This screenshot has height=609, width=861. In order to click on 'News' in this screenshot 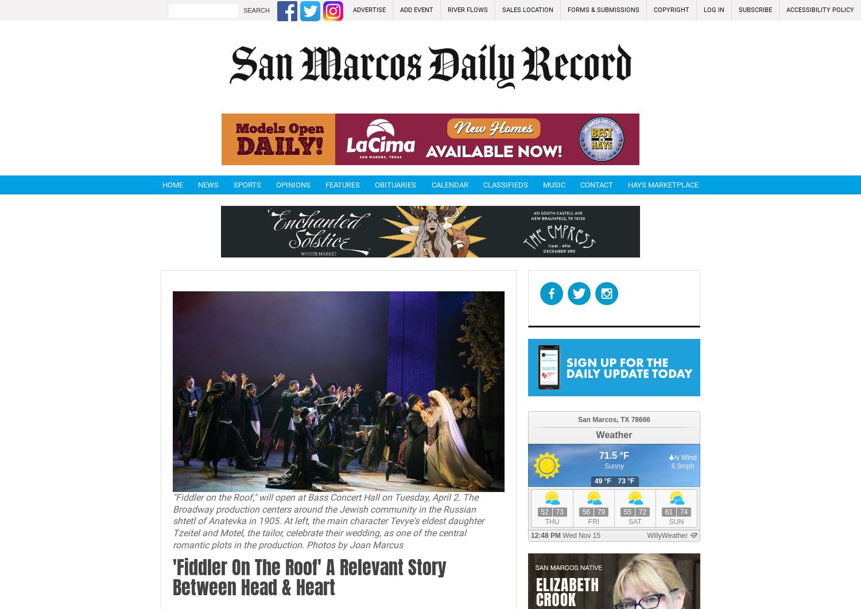, I will do `click(208, 184)`.